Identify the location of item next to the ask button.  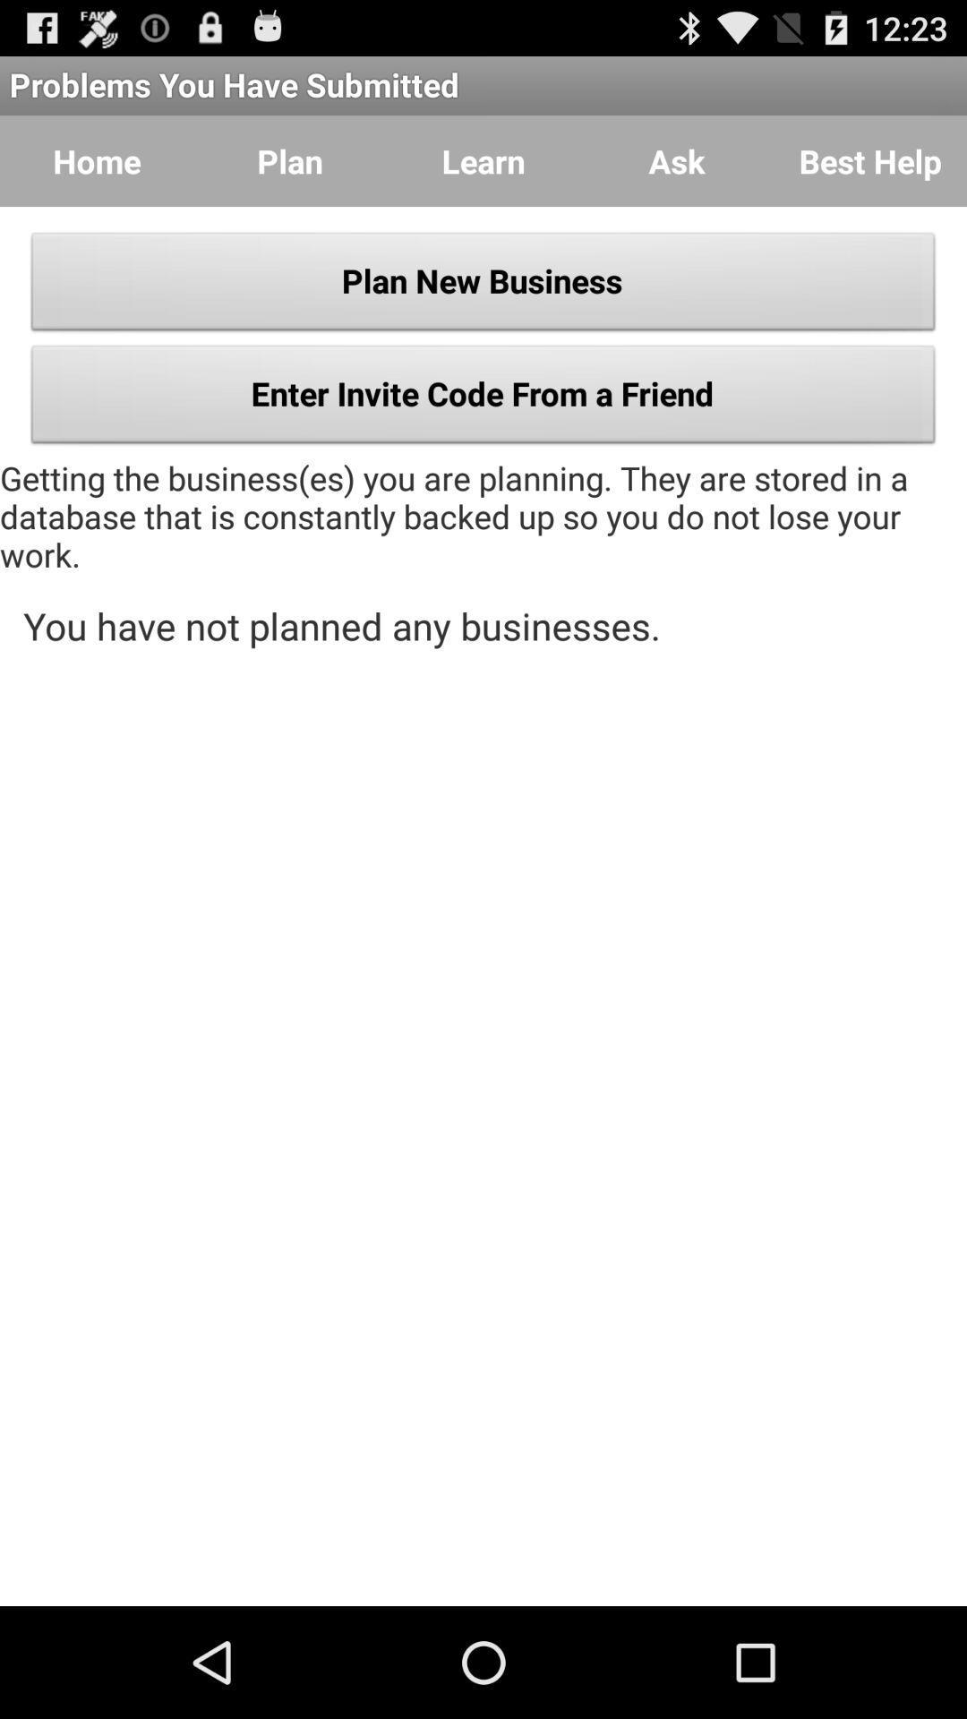
(483, 161).